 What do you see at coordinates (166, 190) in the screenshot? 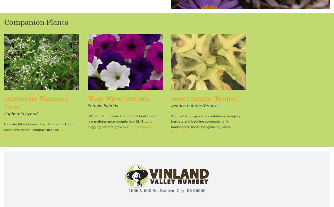
I see `'1606 N 600 Rd, Baldwin City, KS 66006'` at bounding box center [166, 190].